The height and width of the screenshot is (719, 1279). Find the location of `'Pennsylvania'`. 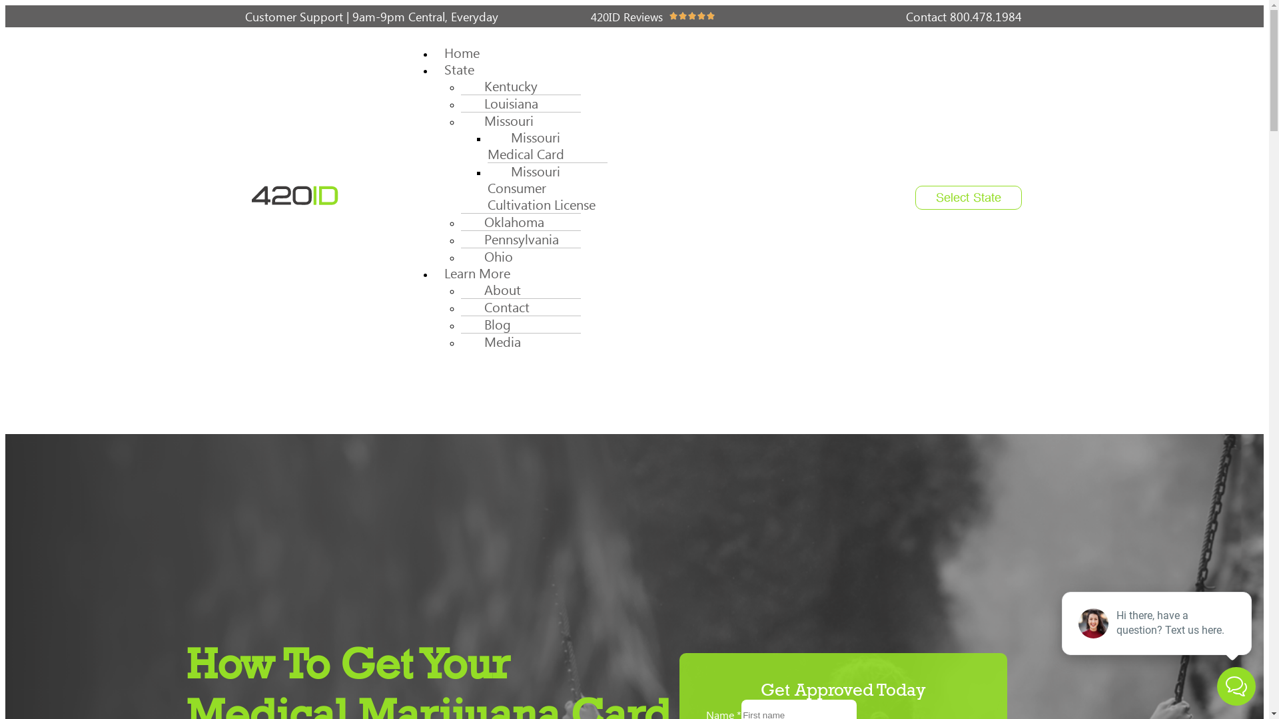

'Pennsylvania' is located at coordinates (460, 238).